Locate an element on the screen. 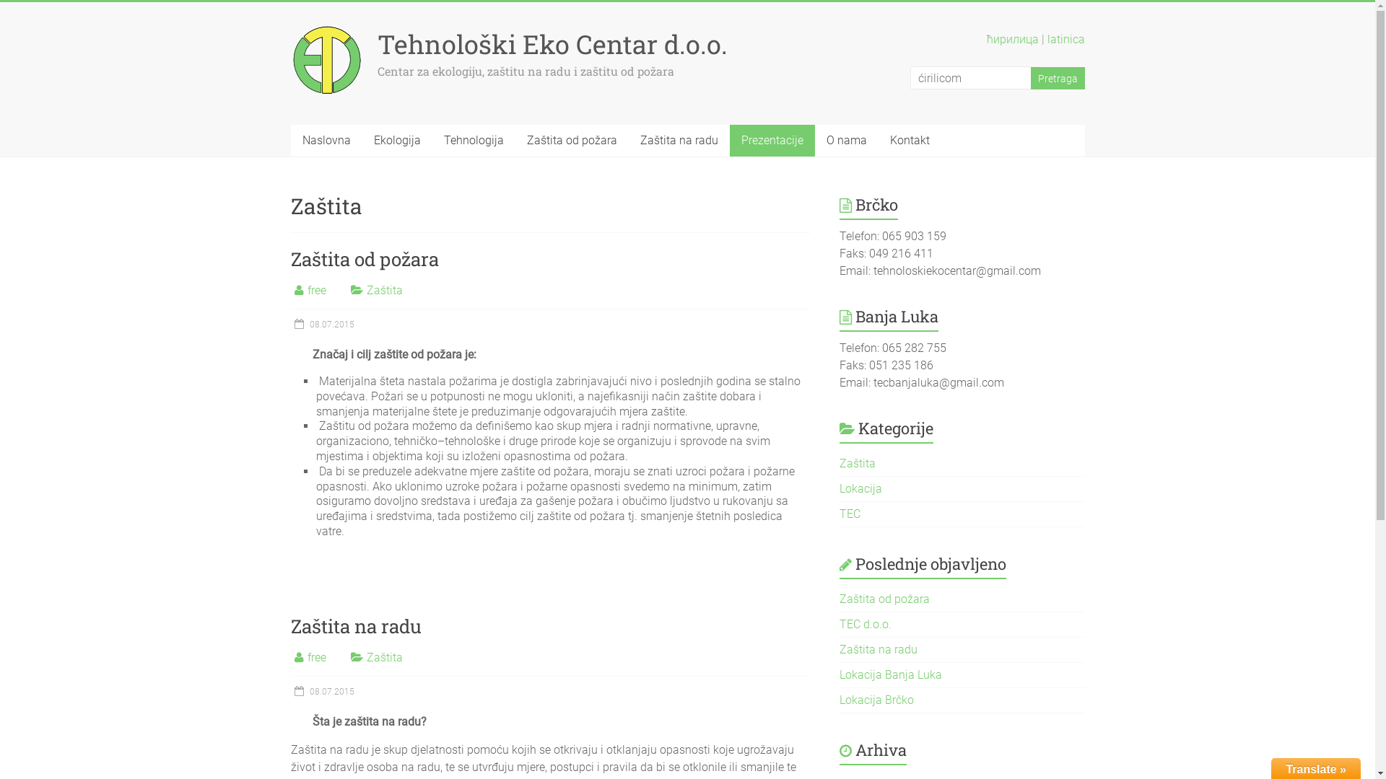  'Lokacija' is located at coordinates (860, 488).